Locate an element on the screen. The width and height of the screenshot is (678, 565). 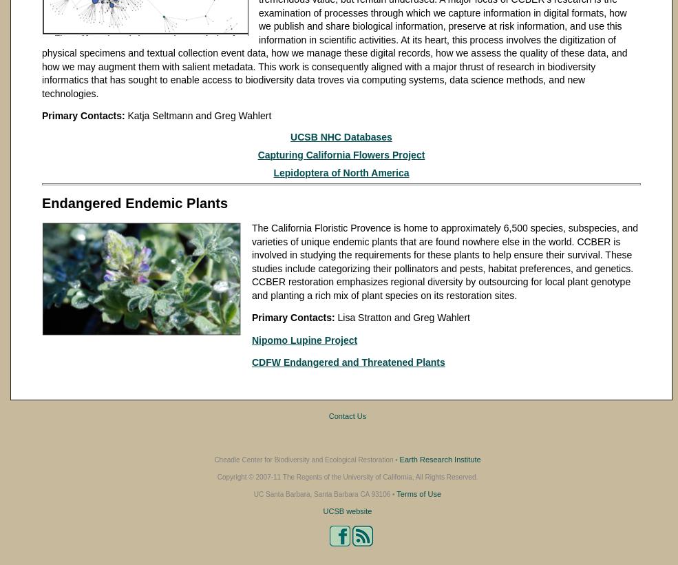
'CDFW Endangered and Threatened Plants' is located at coordinates (348, 362).